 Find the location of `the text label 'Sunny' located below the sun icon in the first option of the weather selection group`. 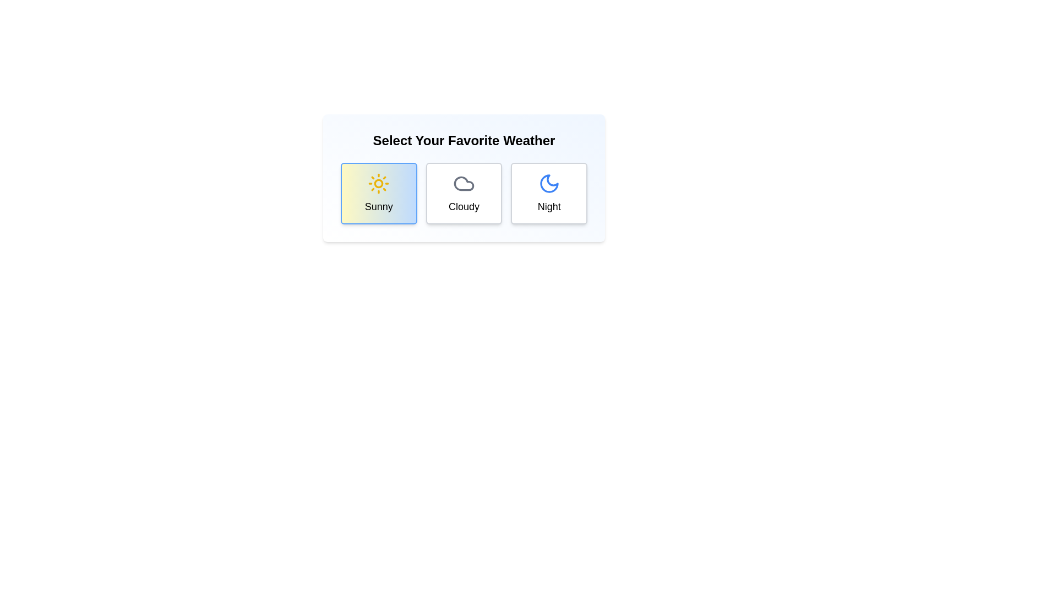

the text label 'Sunny' located below the sun icon in the first option of the weather selection group is located at coordinates (378, 206).